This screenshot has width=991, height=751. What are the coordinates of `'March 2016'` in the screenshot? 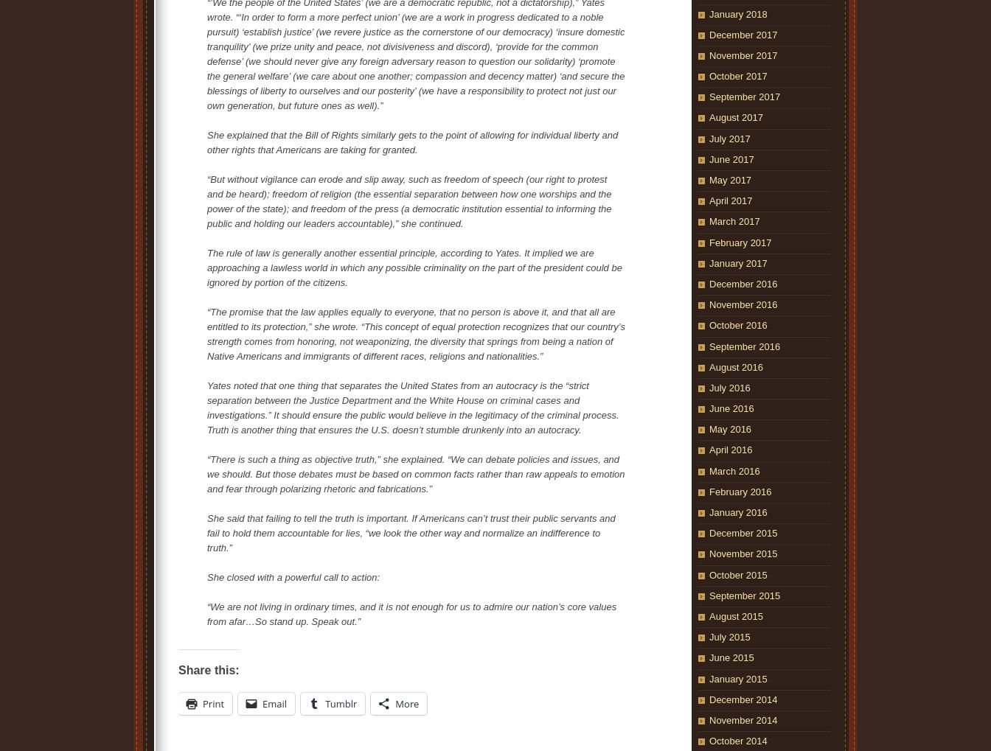 It's located at (734, 470).